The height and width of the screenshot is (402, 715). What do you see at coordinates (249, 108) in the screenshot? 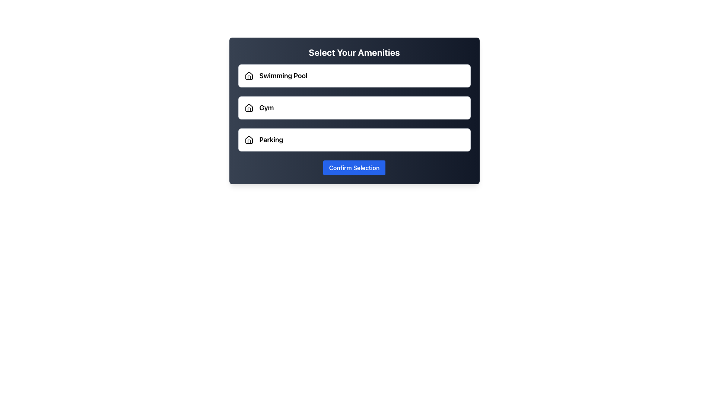
I see `the house-shaped SVG icon with a black outline located next to the 'Gym' label` at bounding box center [249, 108].